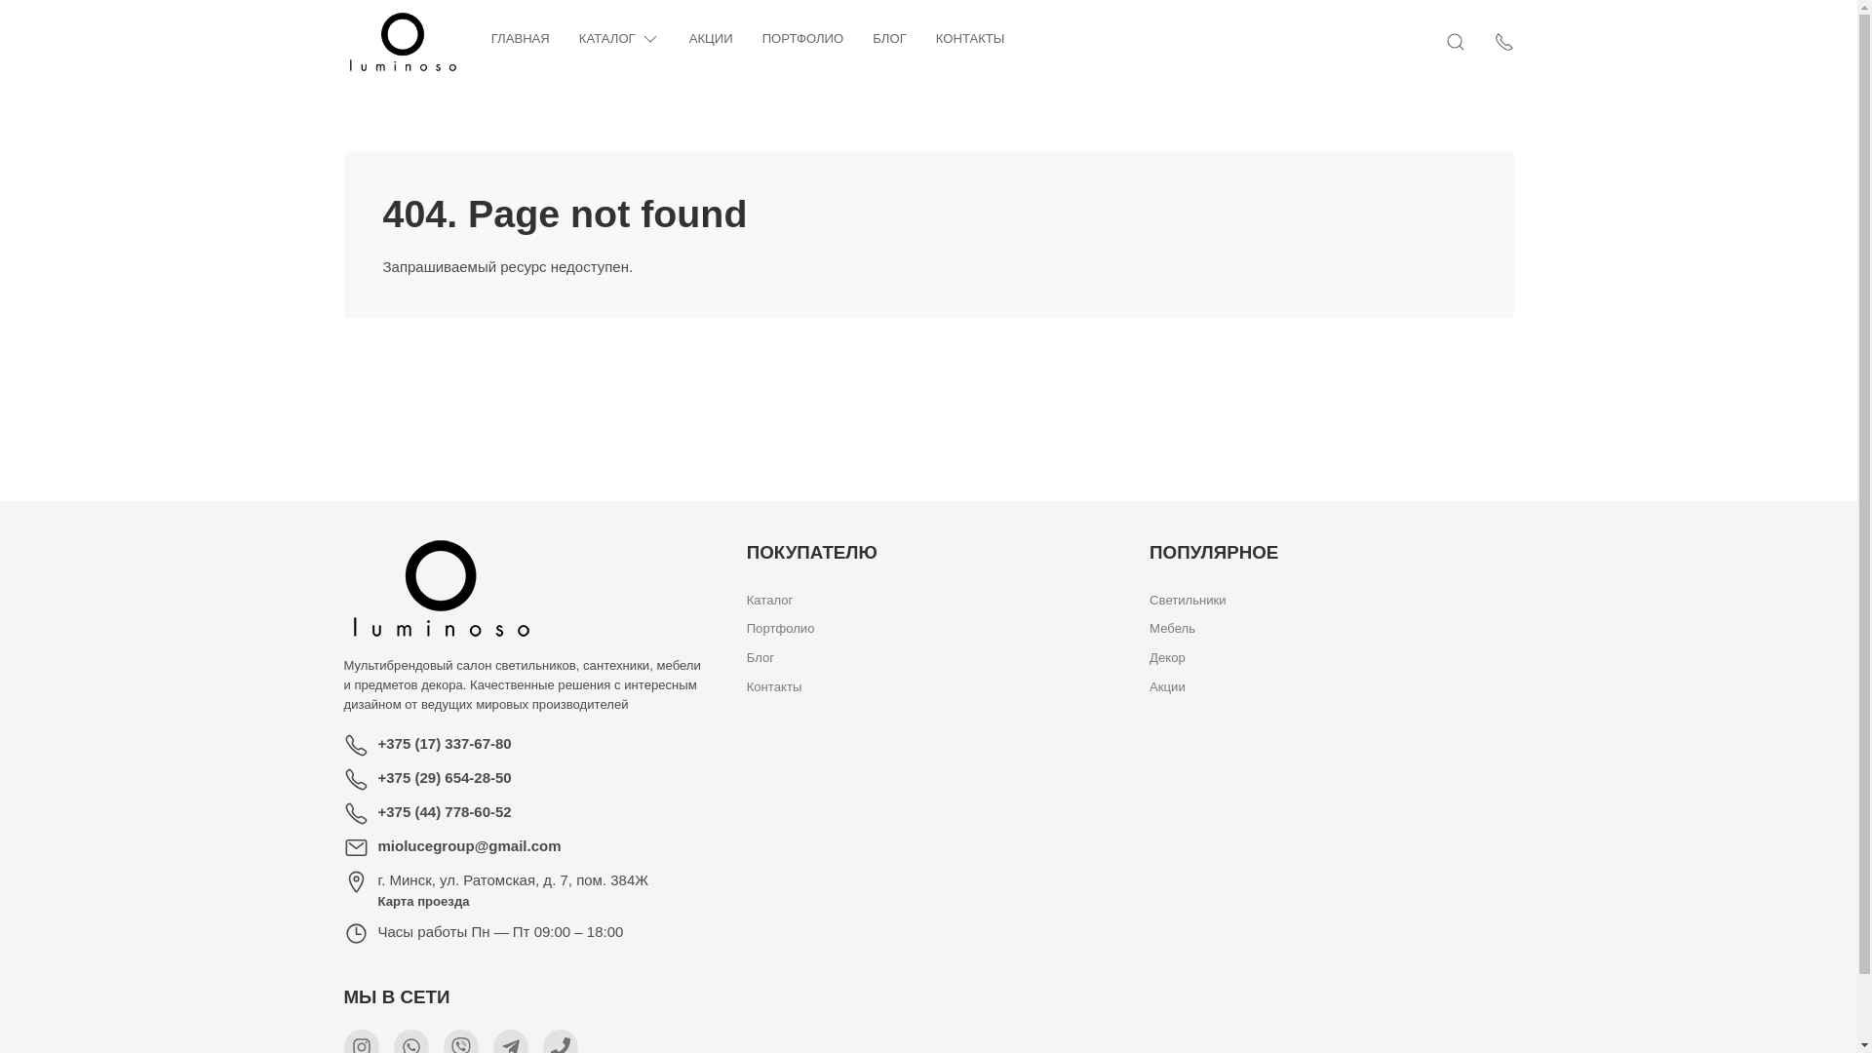  What do you see at coordinates (378, 844) in the screenshot?
I see `'miolucegroup@gmail.com'` at bounding box center [378, 844].